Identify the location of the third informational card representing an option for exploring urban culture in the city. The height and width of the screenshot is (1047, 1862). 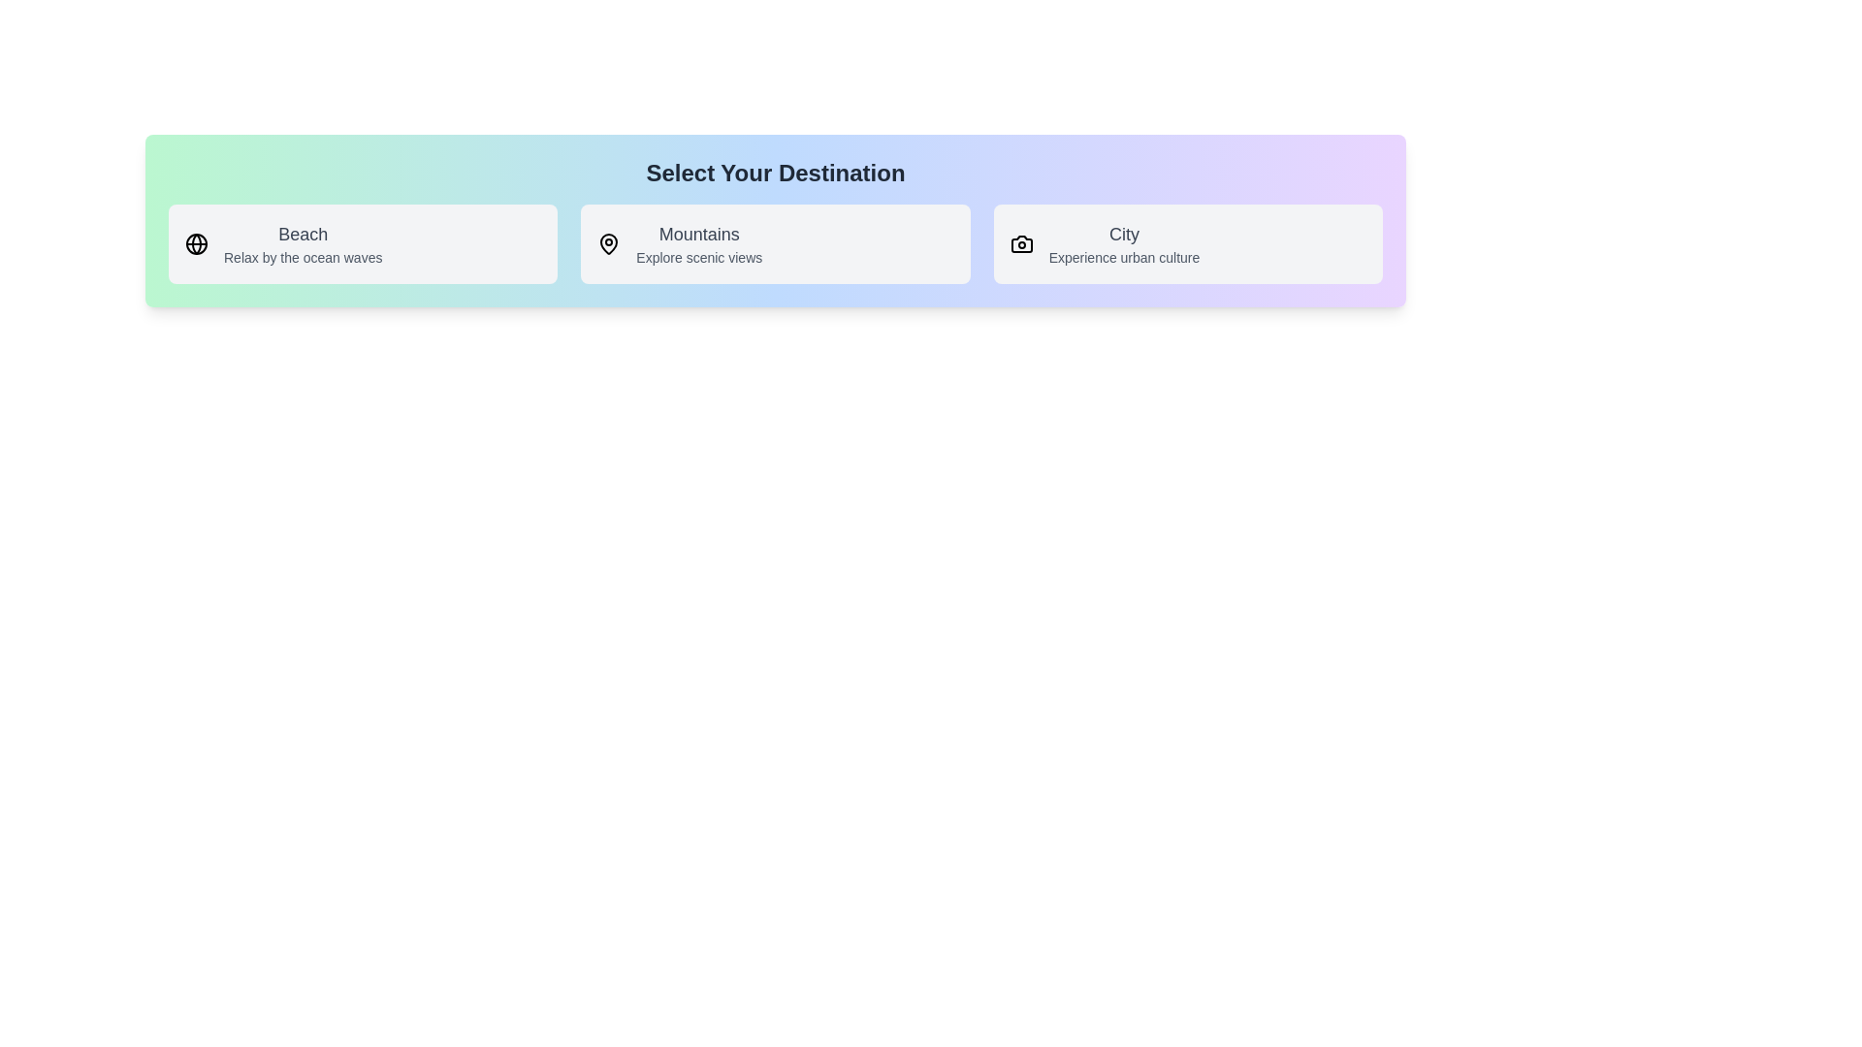
(1187, 242).